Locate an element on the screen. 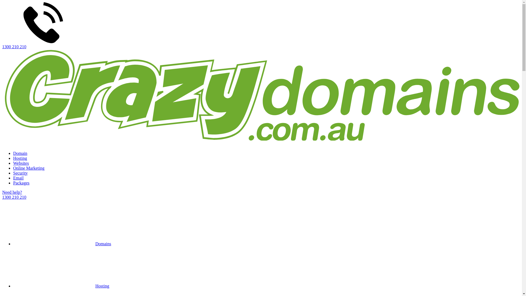 Image resolution: width=526 pixels, height=296 pixels. 'Email' is located at coordinates (18, 178).